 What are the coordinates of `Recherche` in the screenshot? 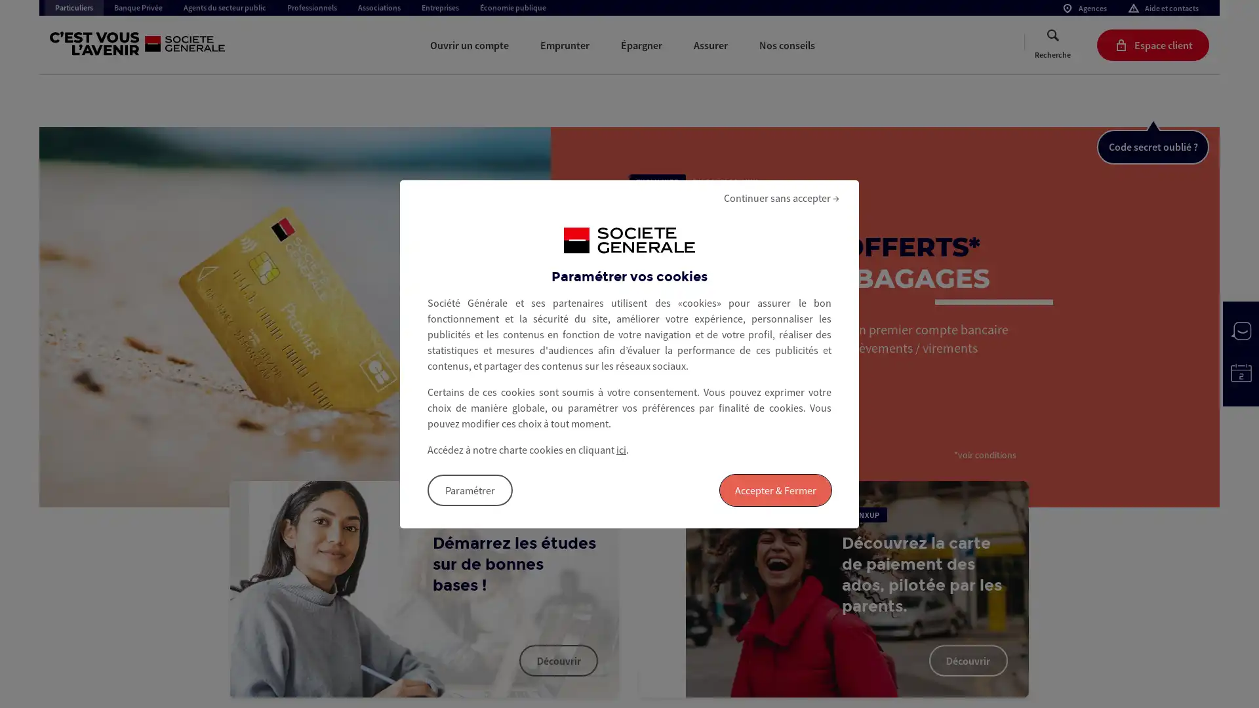 It's located at (1052, 44).